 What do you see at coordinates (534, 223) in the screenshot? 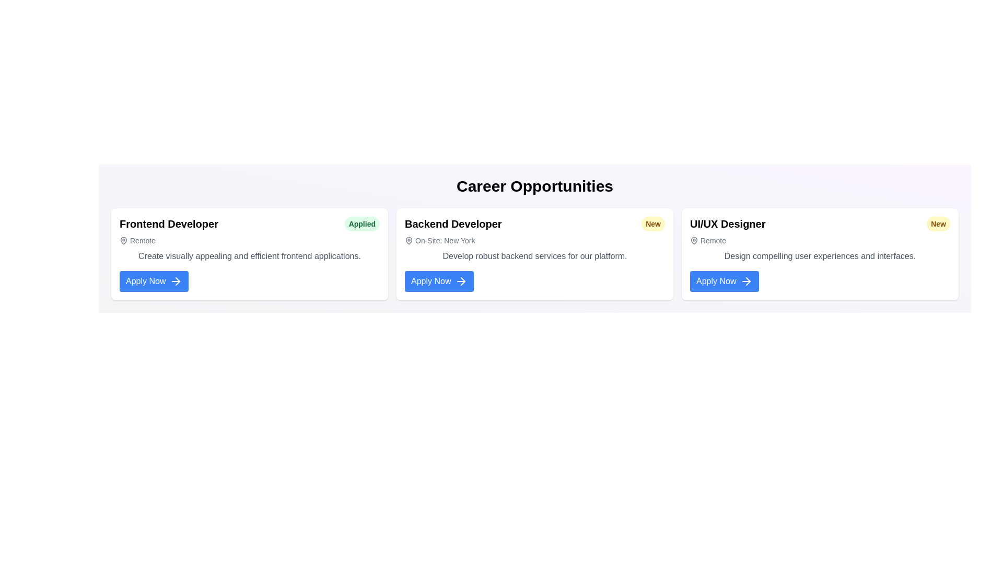
I see `the Descriptive Label with Badge displaying the job title 'Backend Developer' and the status label 'New' located in the central section of the UI` at bounding box center [534, 223].